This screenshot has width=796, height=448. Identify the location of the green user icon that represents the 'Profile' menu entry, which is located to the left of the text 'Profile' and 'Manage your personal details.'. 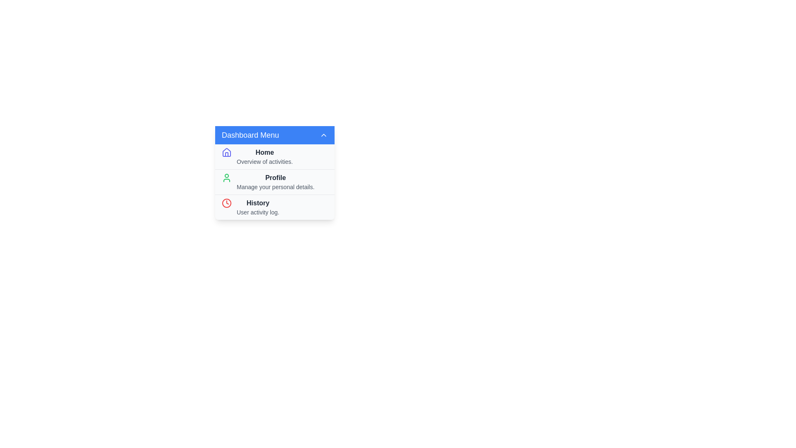
(227, 177).